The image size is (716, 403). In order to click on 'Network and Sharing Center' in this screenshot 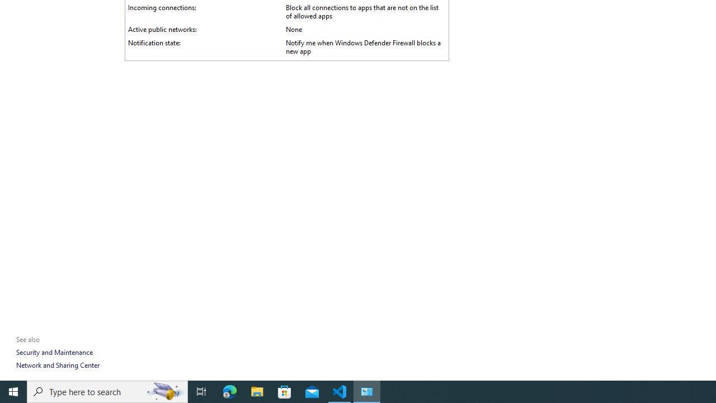, I will do `click(57, 365)`.